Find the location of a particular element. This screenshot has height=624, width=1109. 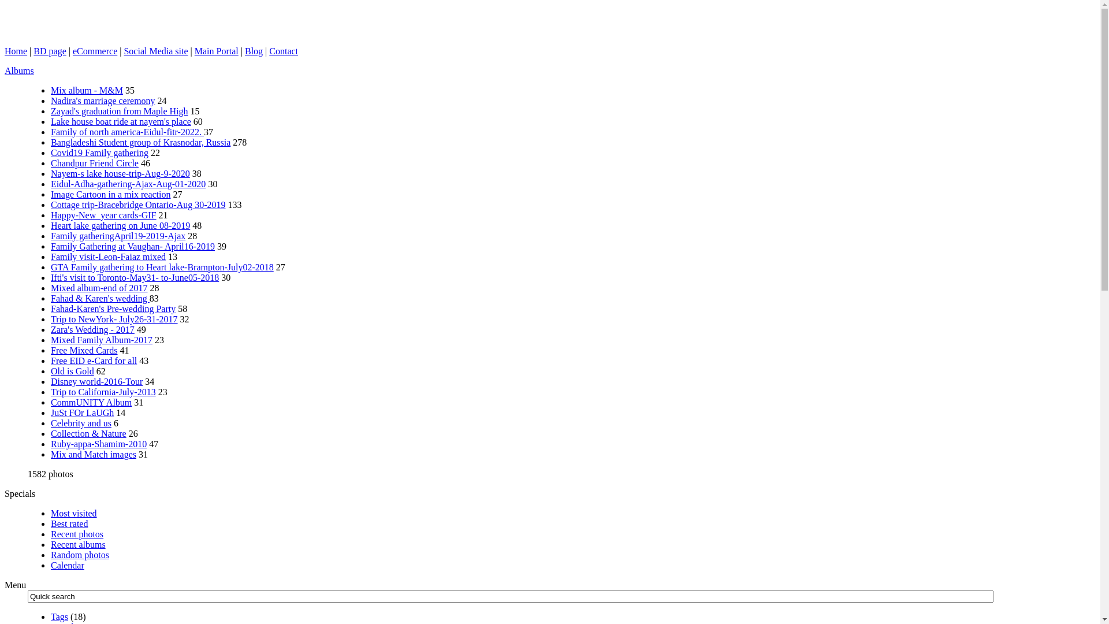

'Lake house boat ride at nayem's place' is located at coordinates (121, 121).